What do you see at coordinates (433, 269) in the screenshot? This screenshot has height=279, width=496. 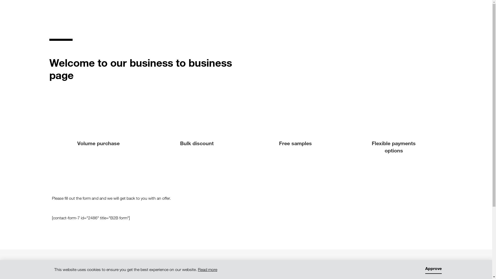 I see `'Approve'` at bounding box center [433, 269].